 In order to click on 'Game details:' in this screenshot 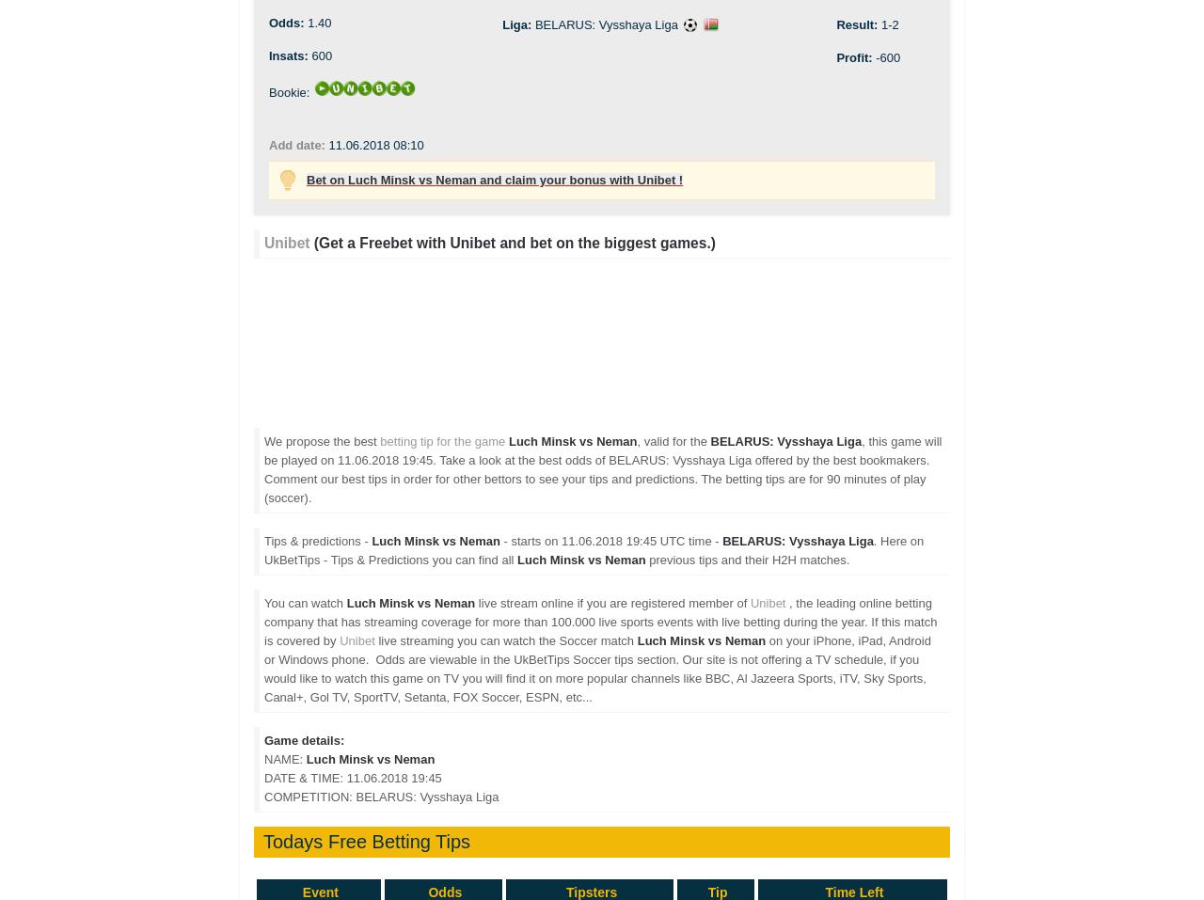, I will do `click(304, 739)`.